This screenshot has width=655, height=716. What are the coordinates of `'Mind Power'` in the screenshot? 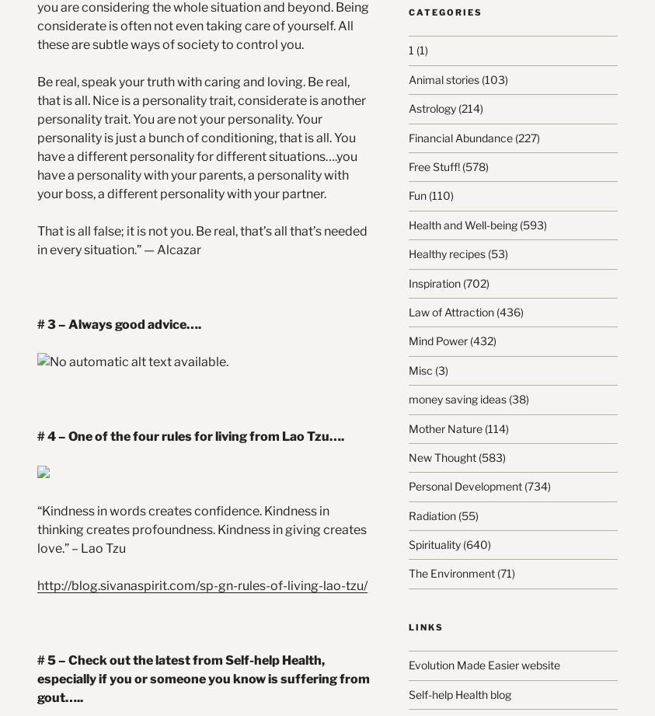 It's located at (437, 341).